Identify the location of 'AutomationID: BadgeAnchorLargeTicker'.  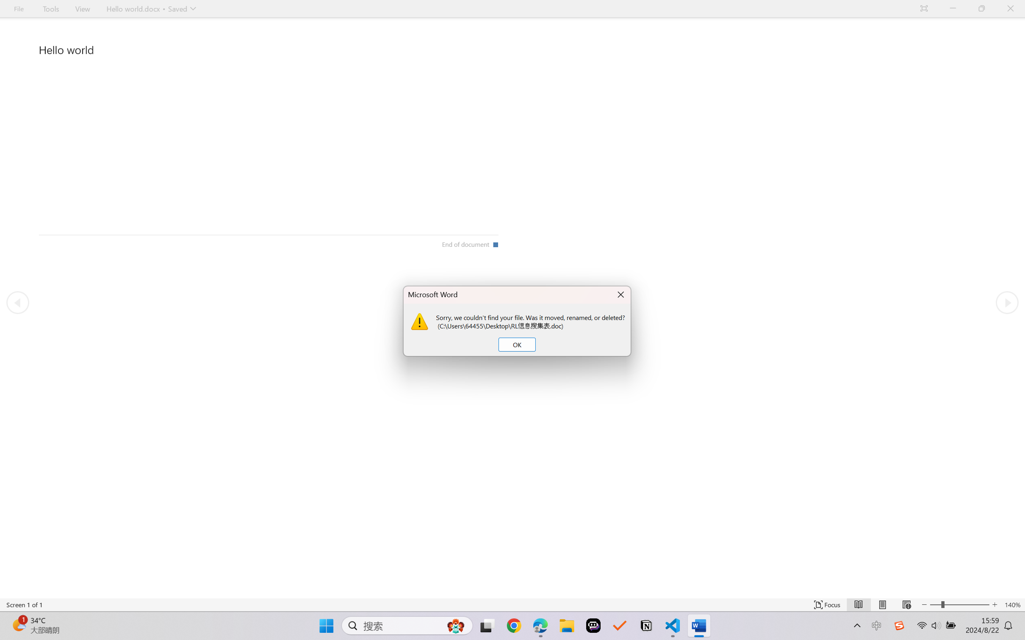
(18, 625).